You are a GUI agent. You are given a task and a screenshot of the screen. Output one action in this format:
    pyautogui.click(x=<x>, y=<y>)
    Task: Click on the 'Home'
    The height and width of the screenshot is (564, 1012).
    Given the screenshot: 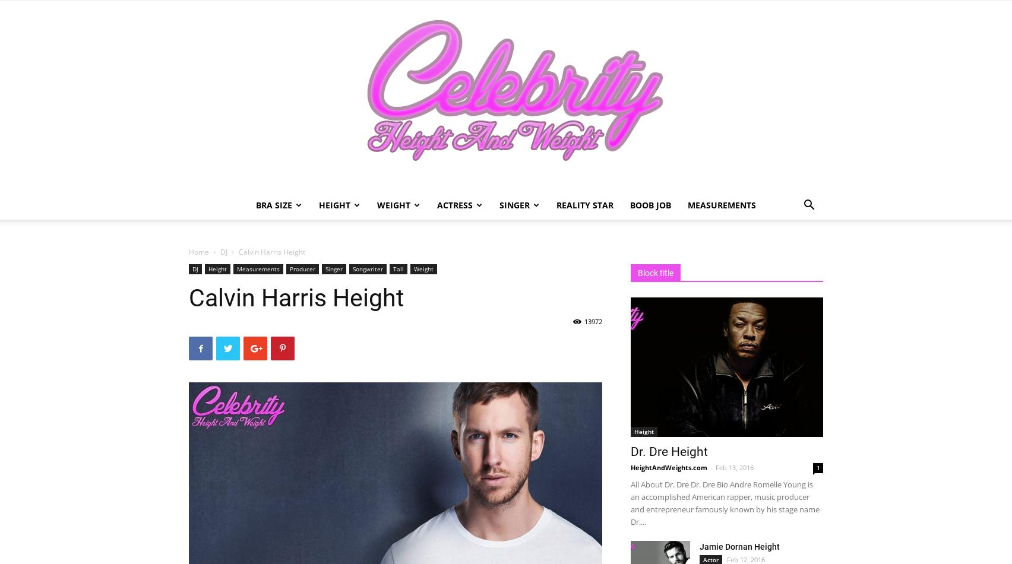 What is the action you would take?
    pyautogui.click(x=188, y=251)
    